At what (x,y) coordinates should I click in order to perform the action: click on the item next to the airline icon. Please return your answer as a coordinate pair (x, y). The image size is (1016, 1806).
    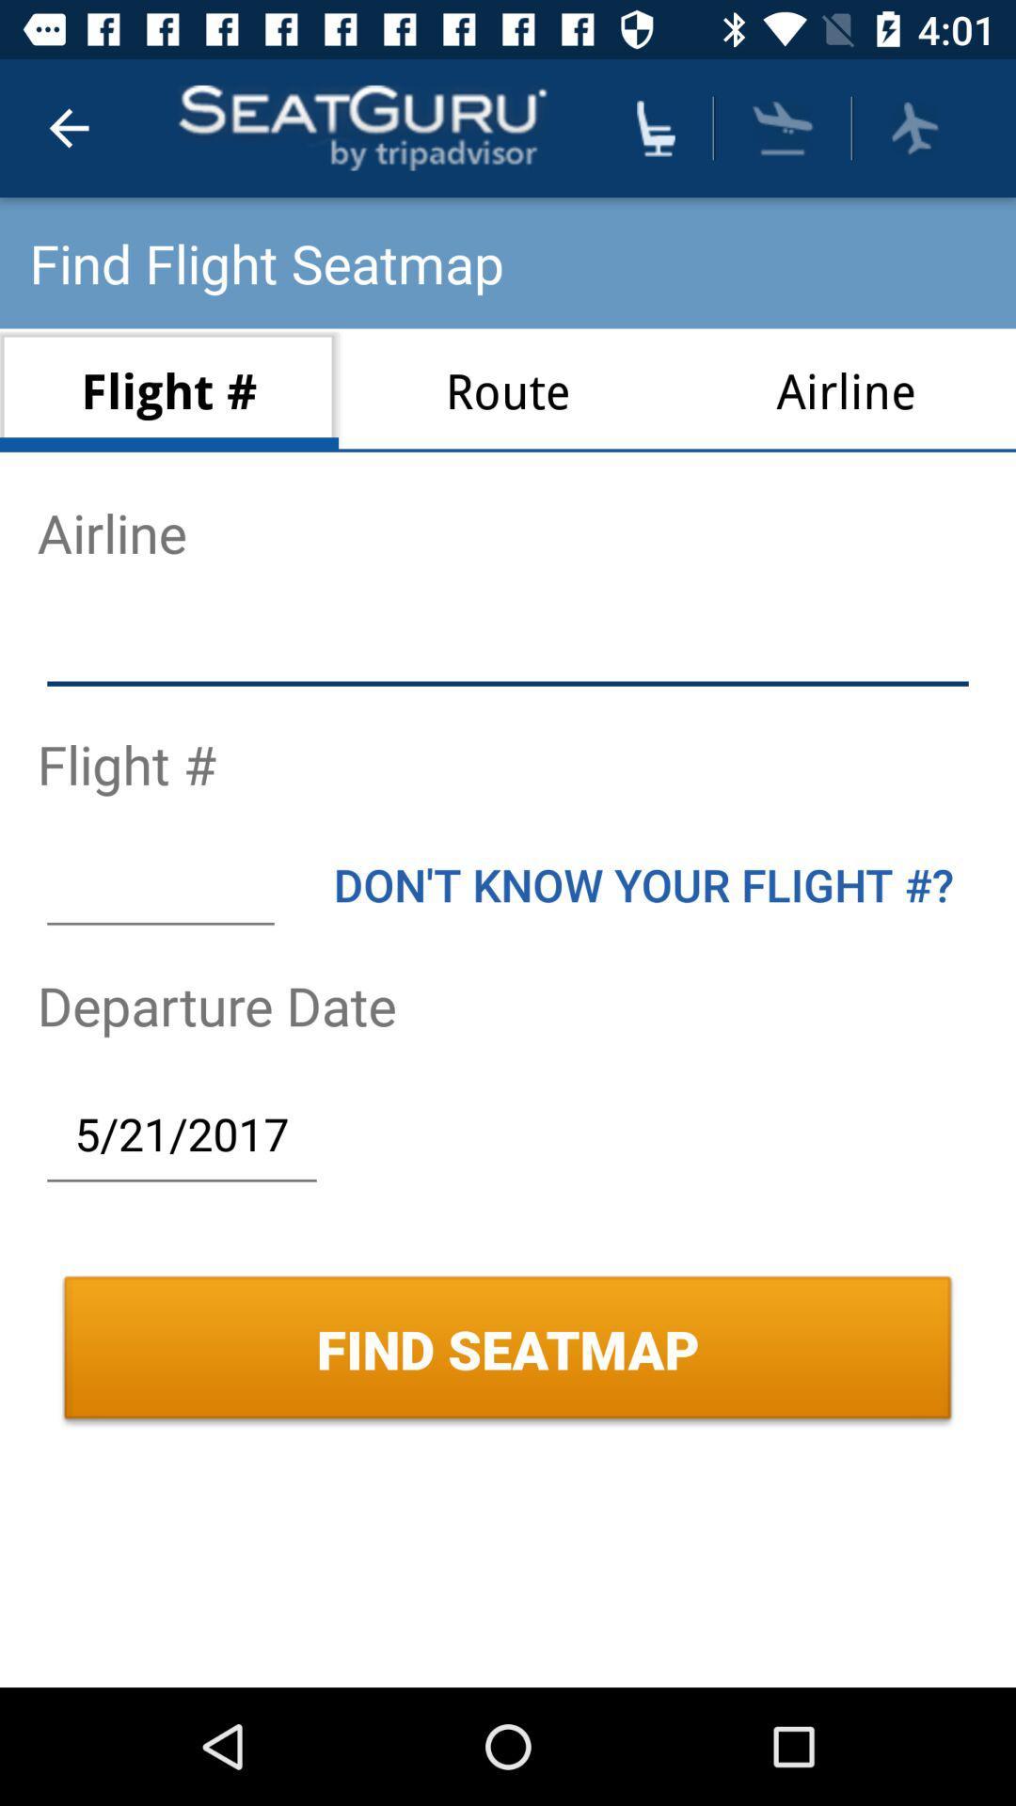
    Looking at the image, I should click on (508, 389).